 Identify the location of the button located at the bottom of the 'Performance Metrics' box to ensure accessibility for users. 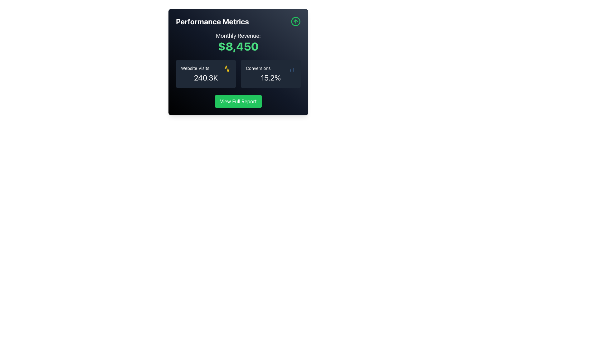
(238, 101).